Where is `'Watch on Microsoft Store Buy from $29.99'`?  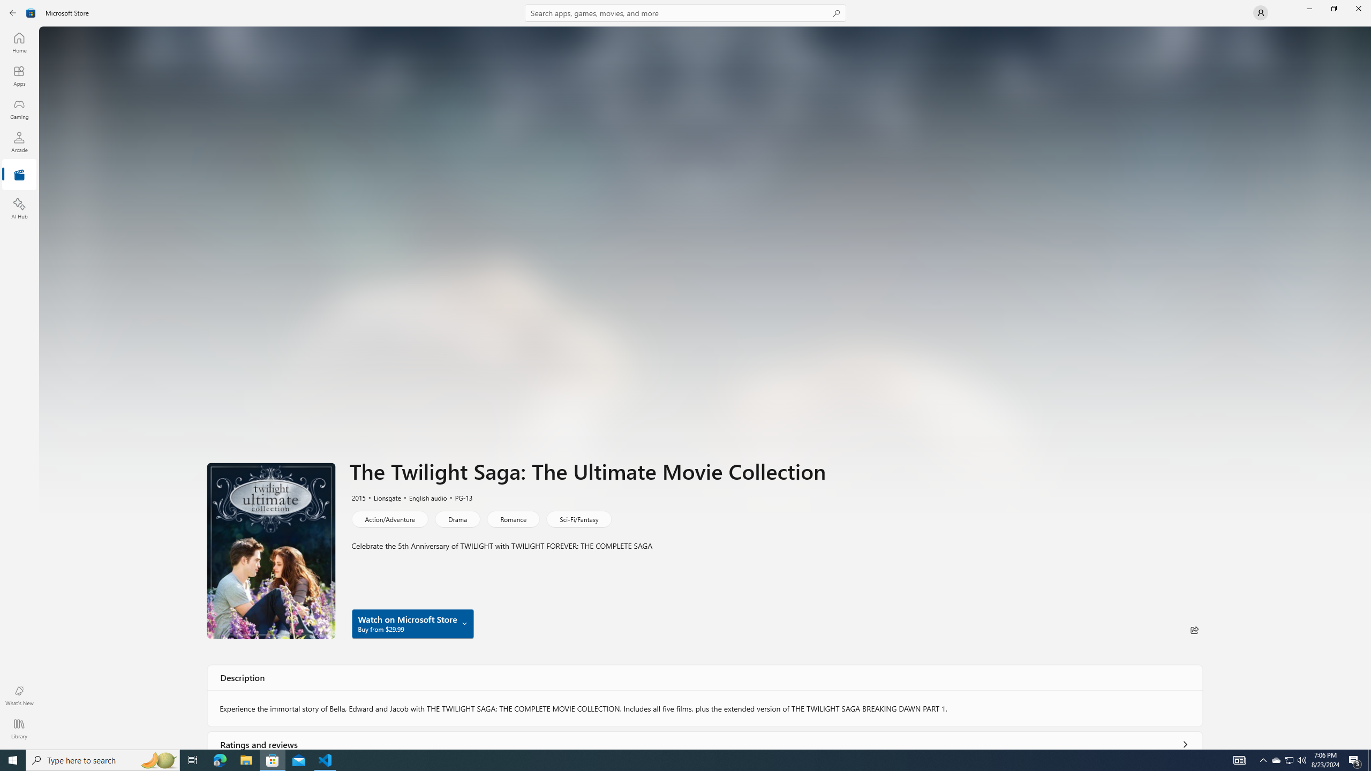 'Watch on Microsoft Store Buy from $29.99' is located at coordinates (412, 623).